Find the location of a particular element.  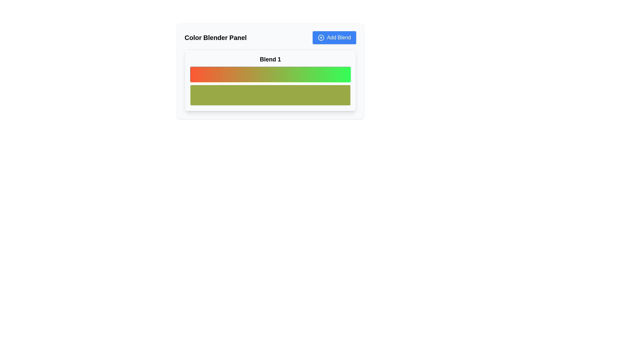

the 'Add Blend' button, which is a rectangular button with rounded corners, a blue background, and a white '+' icon, located at the top-right corner of the 'Color Blender Panel' is located at coordinates (334, 37).